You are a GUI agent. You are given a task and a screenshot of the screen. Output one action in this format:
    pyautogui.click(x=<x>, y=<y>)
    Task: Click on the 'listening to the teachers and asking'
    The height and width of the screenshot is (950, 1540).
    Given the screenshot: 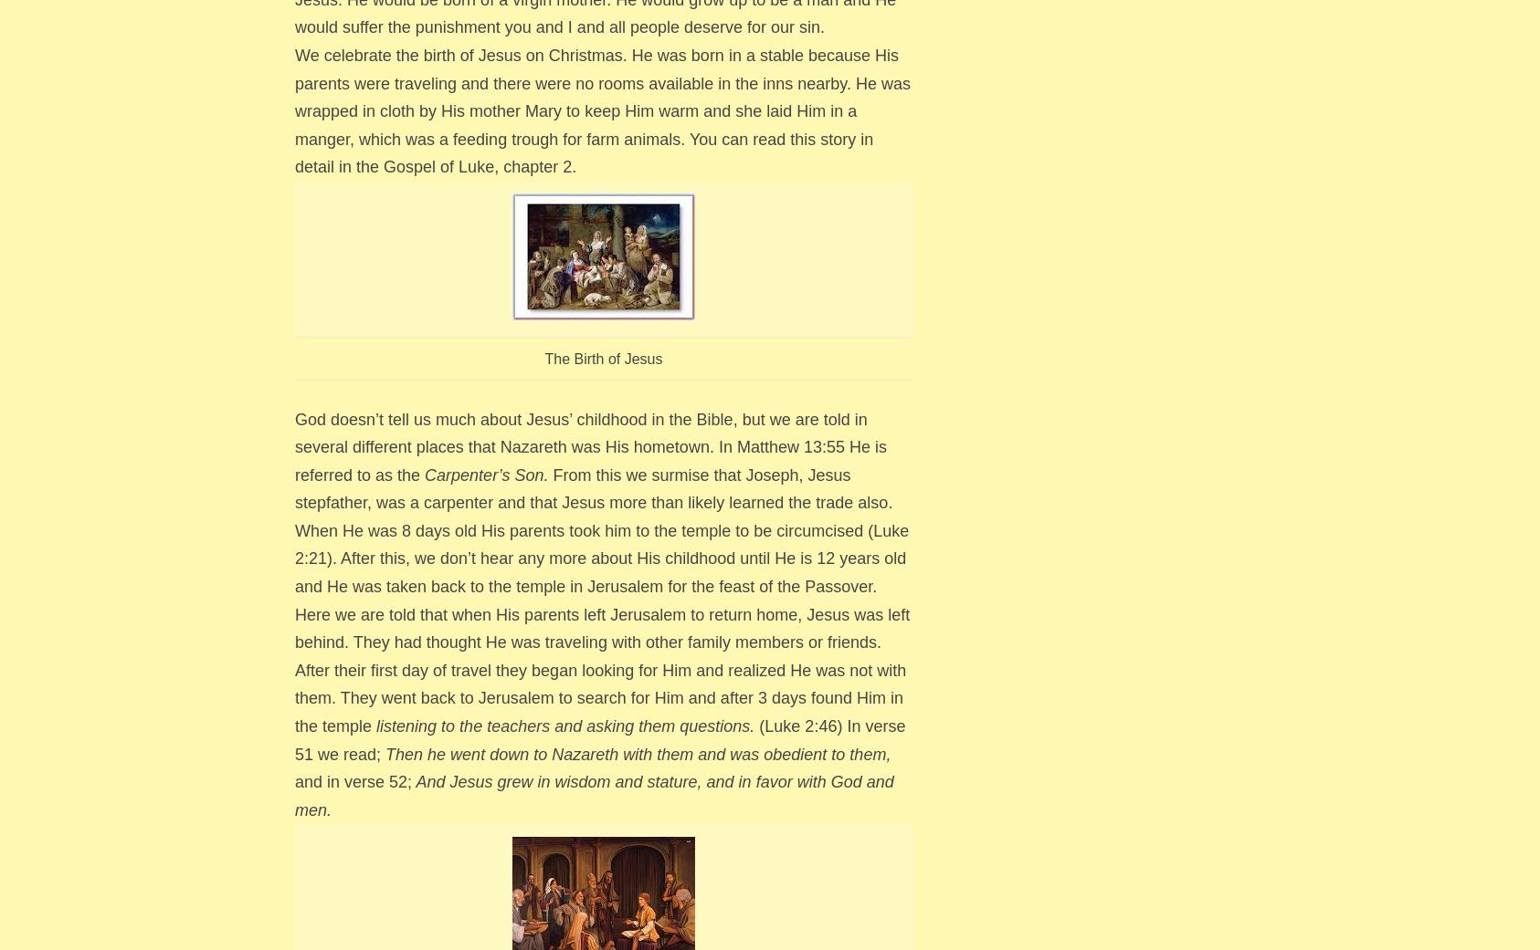 What is the action you would take?
    pyautogui.click(x=505, y=726)
    